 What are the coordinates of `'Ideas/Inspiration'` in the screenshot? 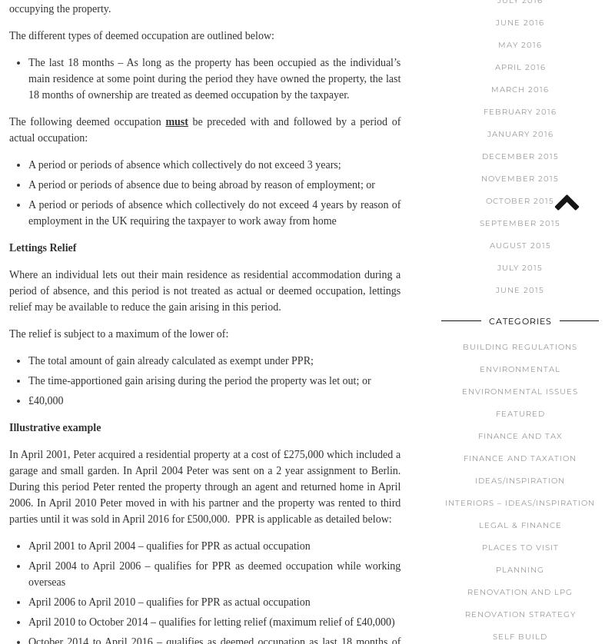 It's located at (475, 480).